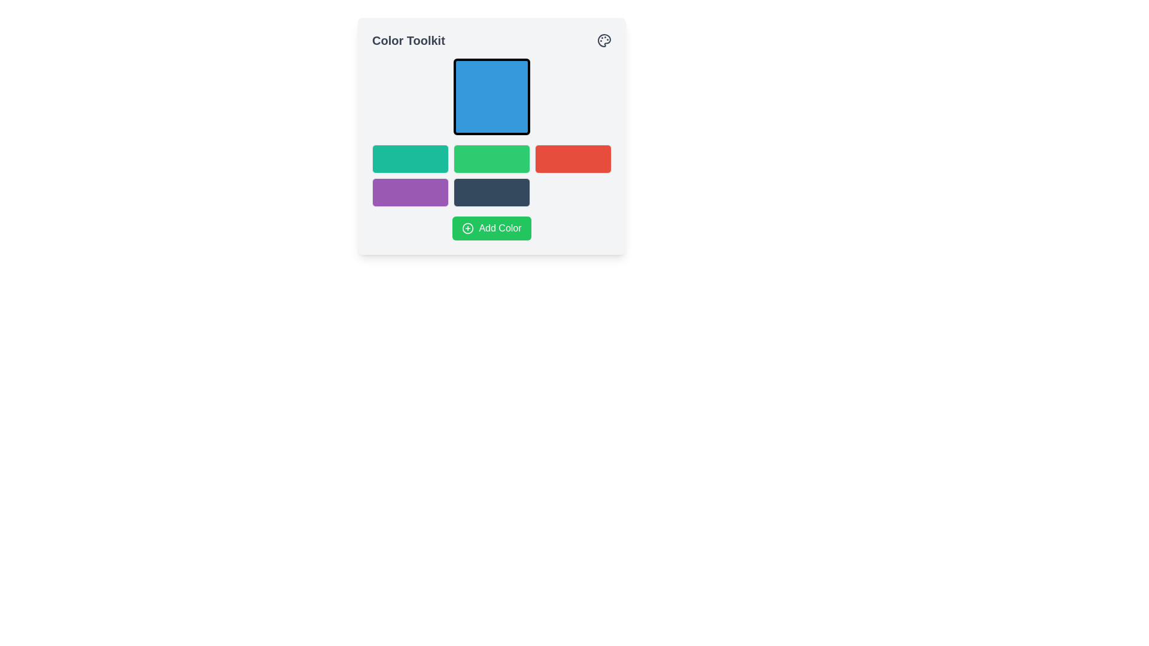  I want to click on the rectangular button with rounded corners and a solid purple background color located in the second row, first column of the grid layout, so click(411, 191).